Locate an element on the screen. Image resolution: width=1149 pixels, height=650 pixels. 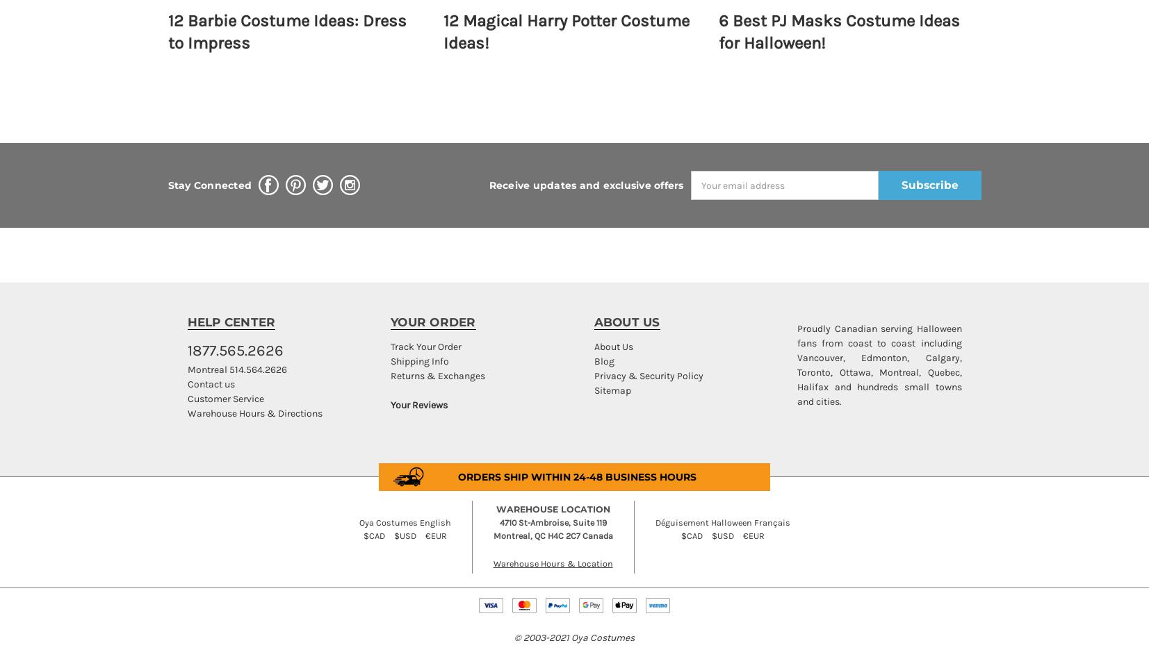
'Customer Service' is located at coordinates (224, 397).